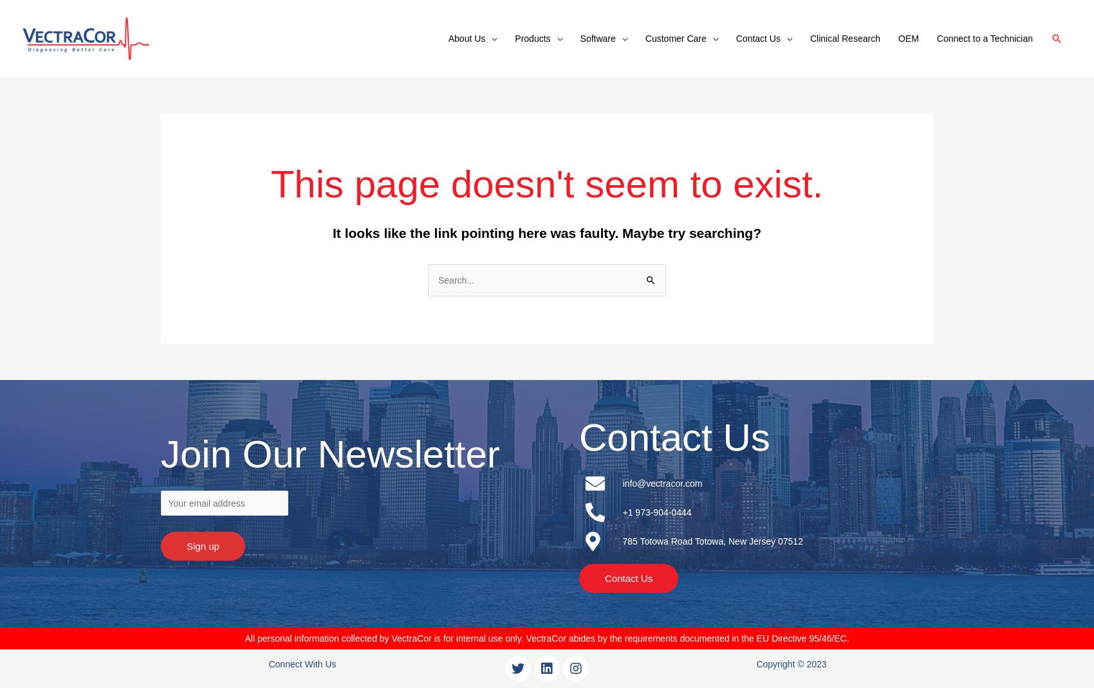 The width and height of the screenshot is (1094, 688). I want to click on 'About Us', so click(467, 38).